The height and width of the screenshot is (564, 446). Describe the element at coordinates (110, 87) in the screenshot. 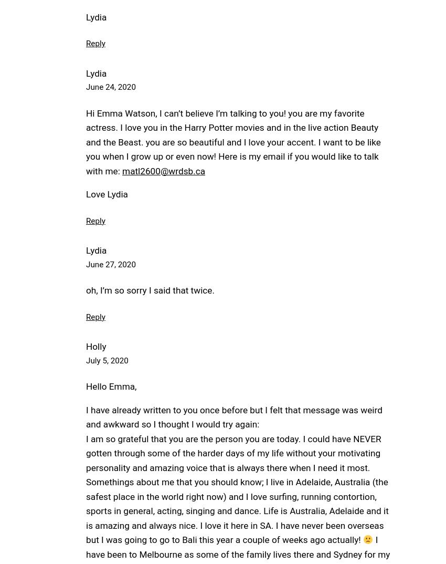

I see `'June 24, 2020'` at that location.